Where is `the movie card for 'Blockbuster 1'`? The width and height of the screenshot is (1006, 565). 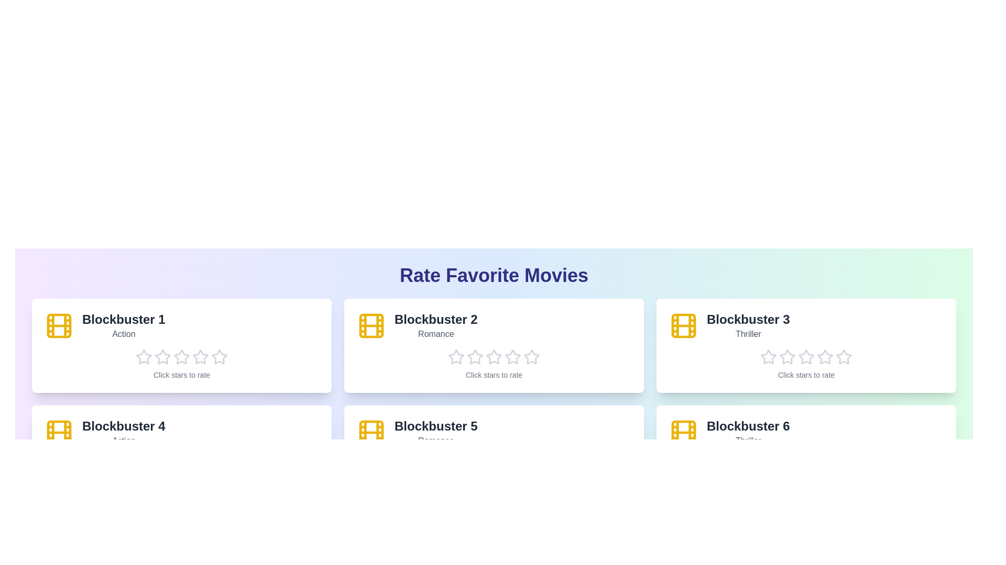
the movie card for 'Blockbuster 1' is located at coordinates (181, 345).